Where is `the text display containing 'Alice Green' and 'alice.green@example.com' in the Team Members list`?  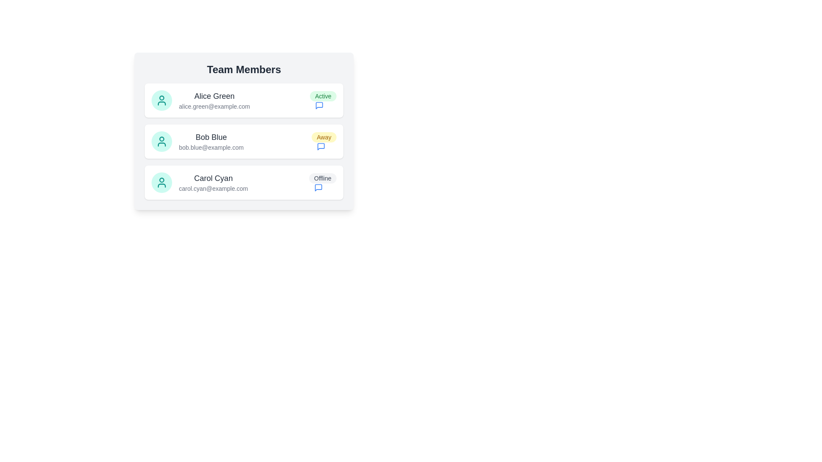
the text display containing 'Alice Green' and 'alice.green@example.com' in the Team Members list is located at coordinates (214, 100).